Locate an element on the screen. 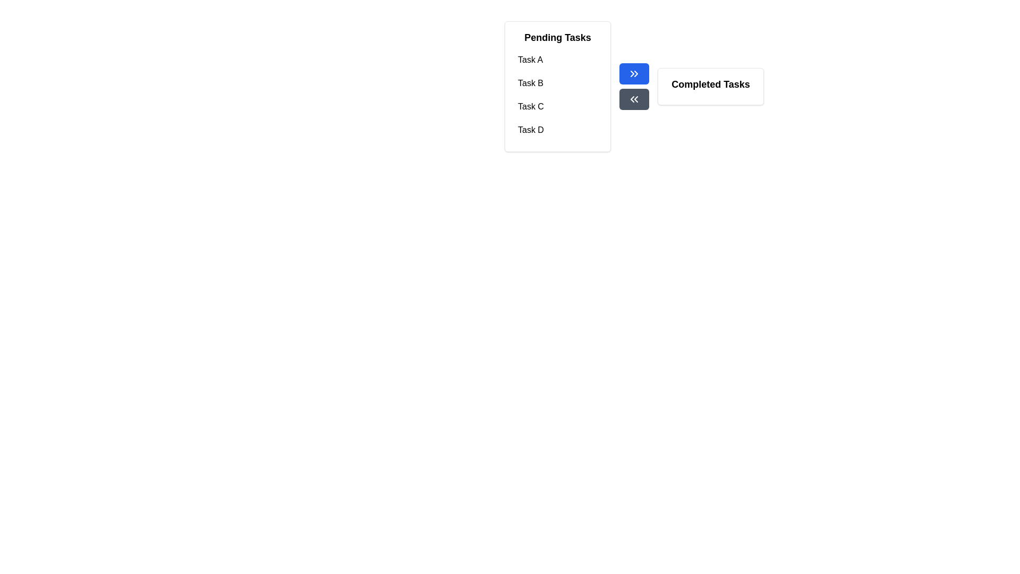  the rightward double chevron arrow icon within the button group is located at coordinates (634, 73).